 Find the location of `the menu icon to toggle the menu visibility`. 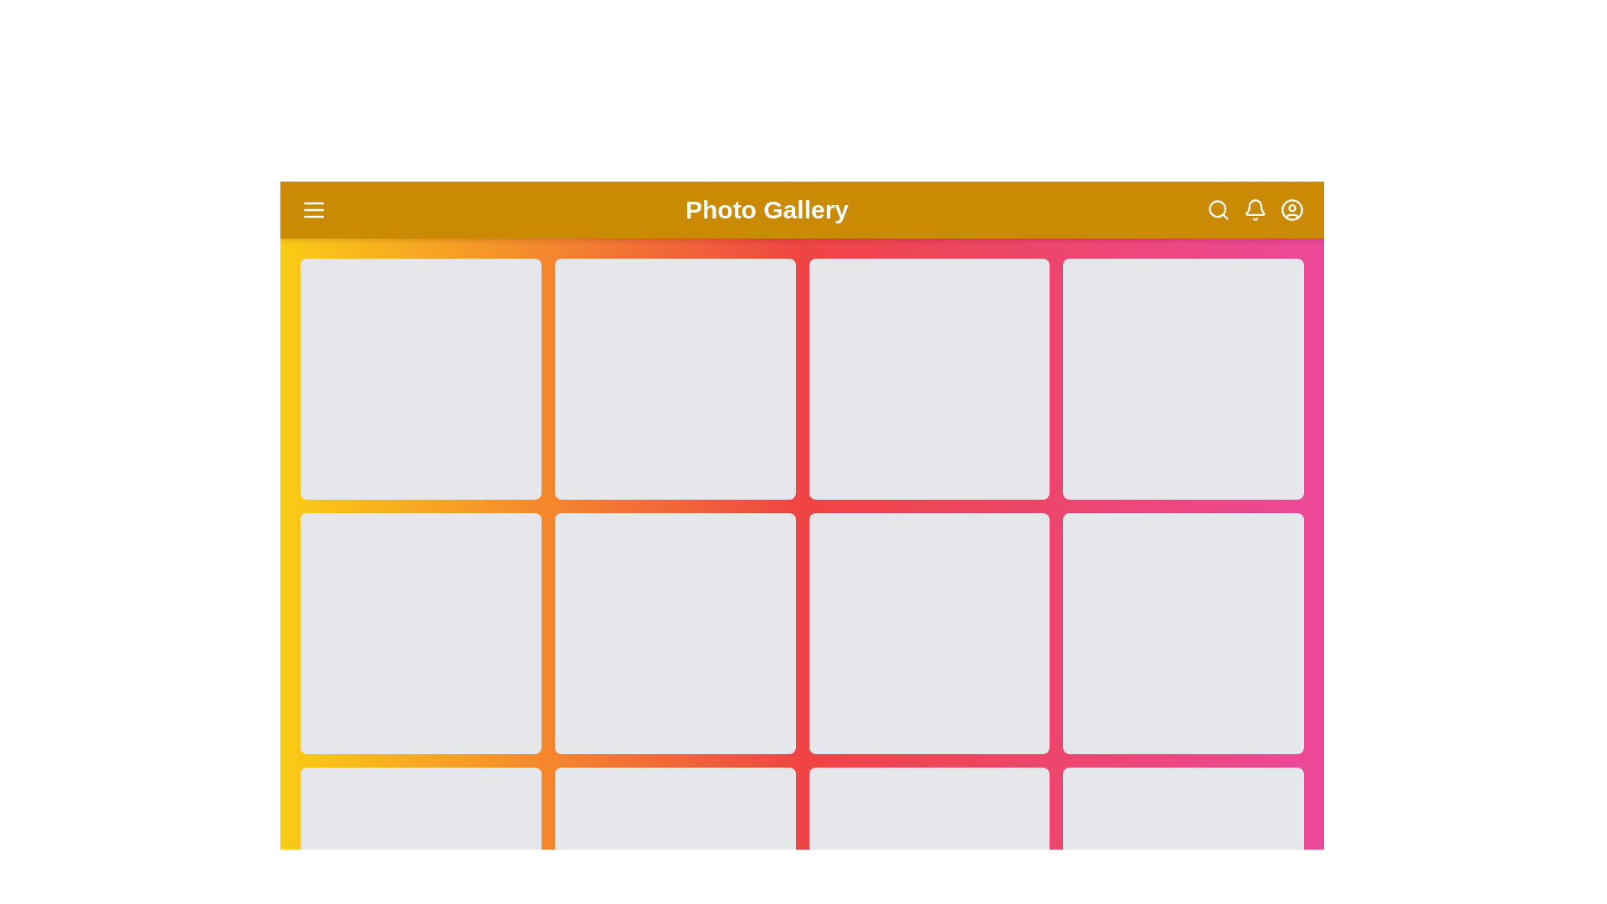

the menu icon to toggle the menu visibility is located at coordinates (313, 208).